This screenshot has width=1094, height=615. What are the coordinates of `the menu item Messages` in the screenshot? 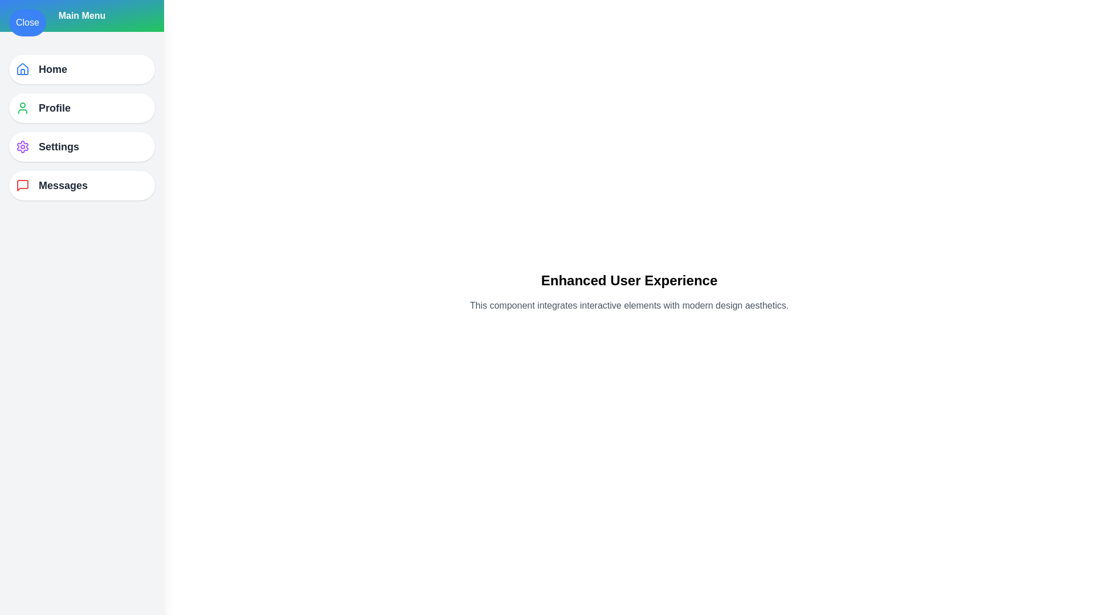 It's located at (81, 185).